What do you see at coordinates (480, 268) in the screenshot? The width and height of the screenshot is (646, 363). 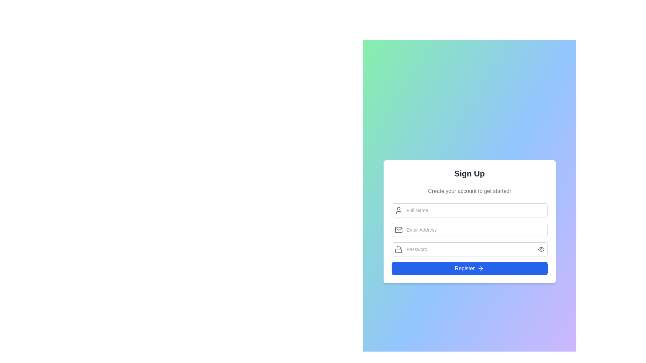 I see `the arrow icon located at the far-right side of the 'Register' button, which signifies the action of proceeding or submitting` at bounding box center [480, 268].